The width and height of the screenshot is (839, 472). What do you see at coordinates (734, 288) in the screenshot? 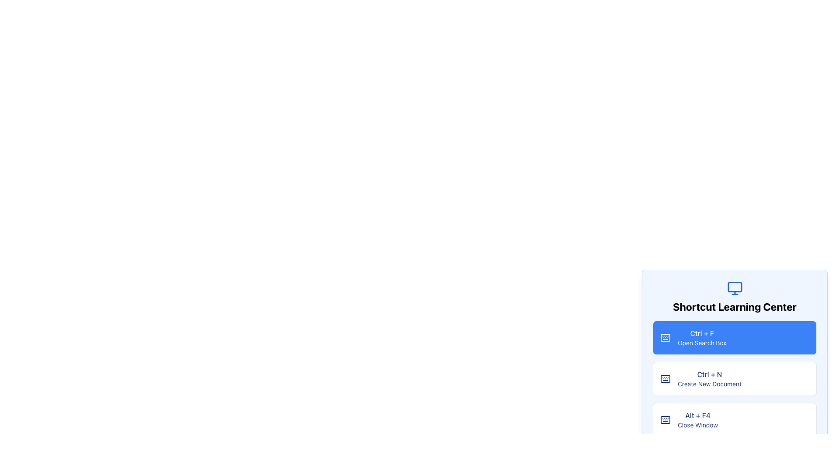
I see `the decorative icon representing a monitor located at the top of the 'Shortcut Learning Center' banner, above the text 'Shortcut Learning Center.'` at bounding box center [734, 288].